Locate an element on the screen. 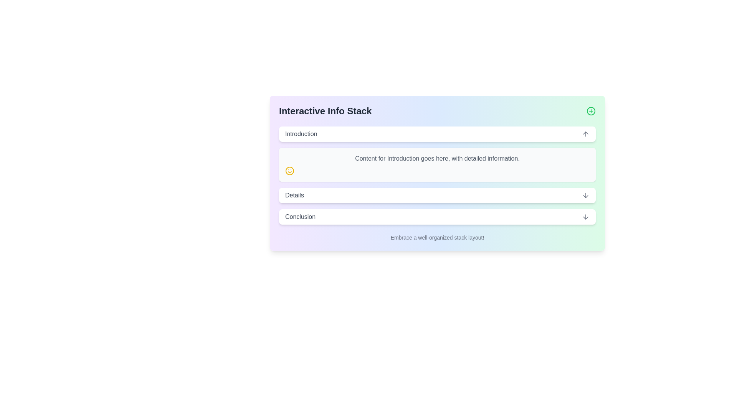 The image size is (737, 414). the button at the top of the stack is located at coordinates (437, 134).